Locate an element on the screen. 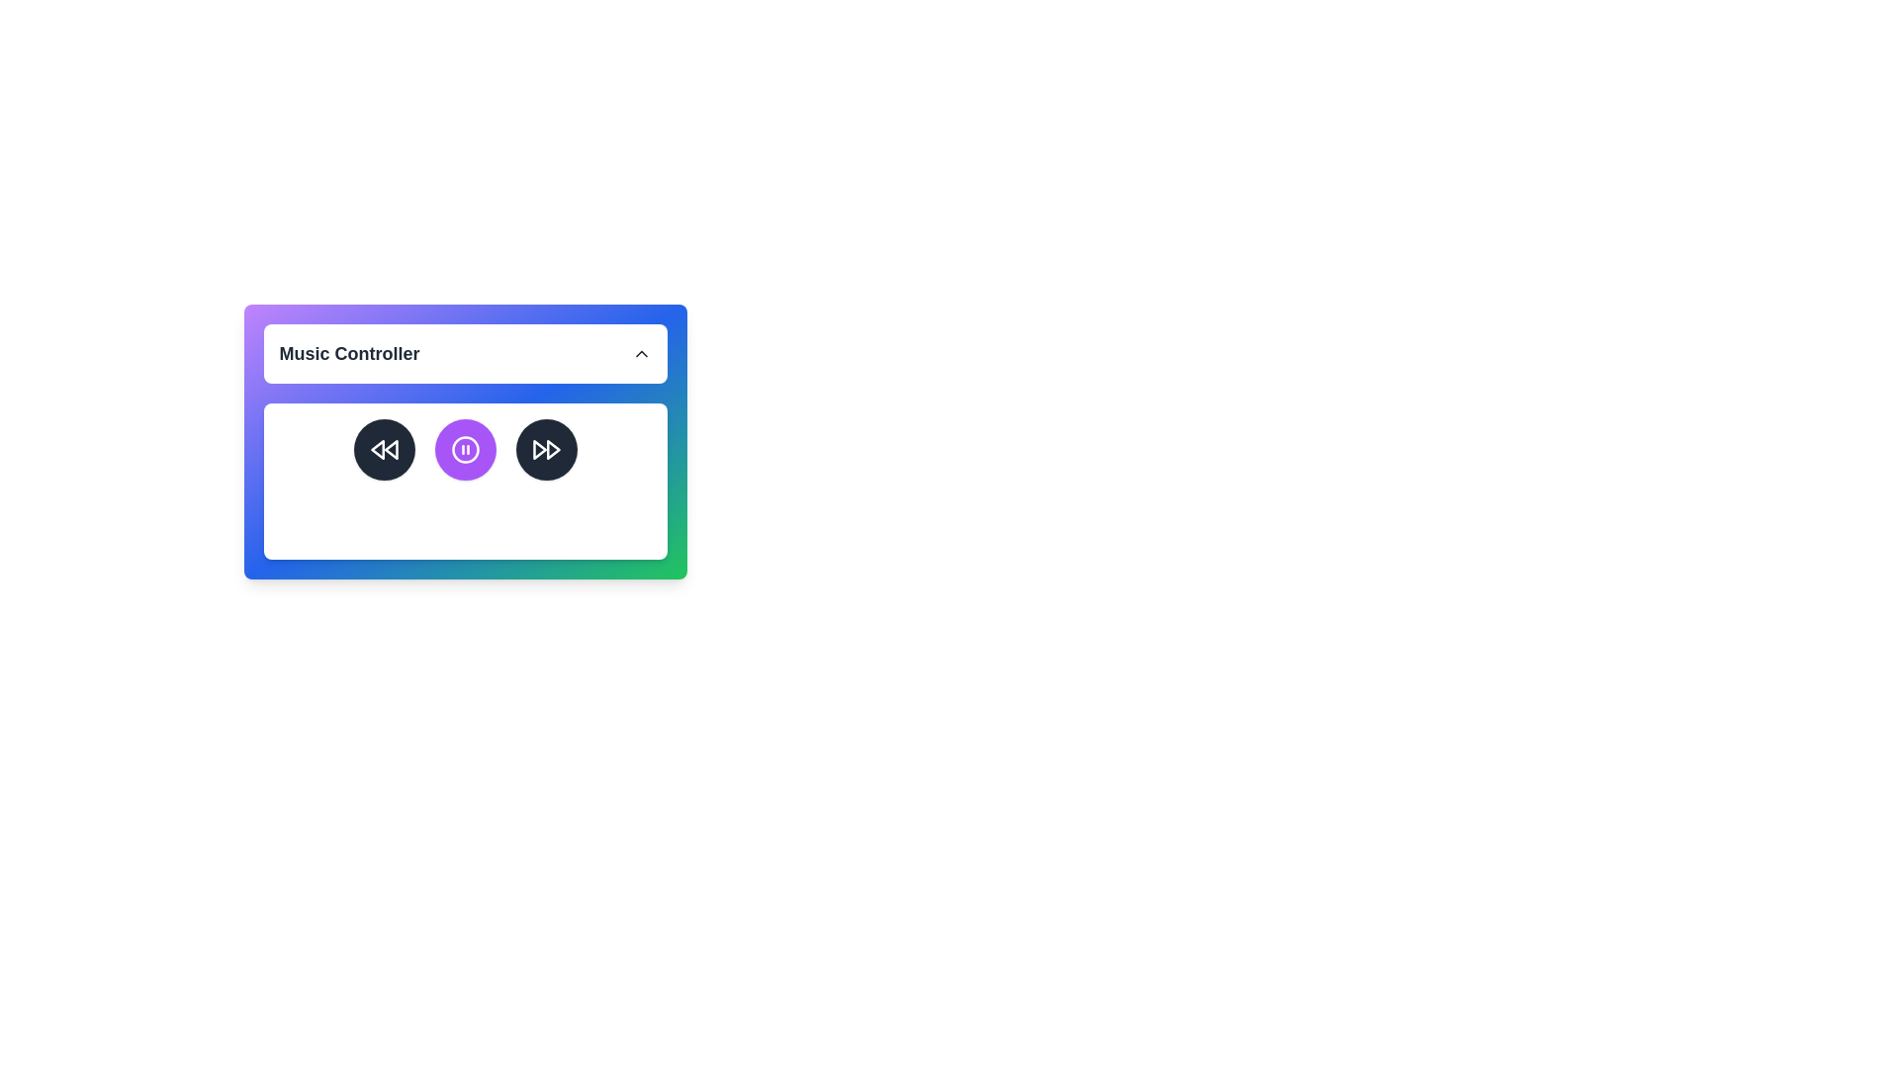  the chevron button to toggle the music controller panel is located at coordinates (641, 353).